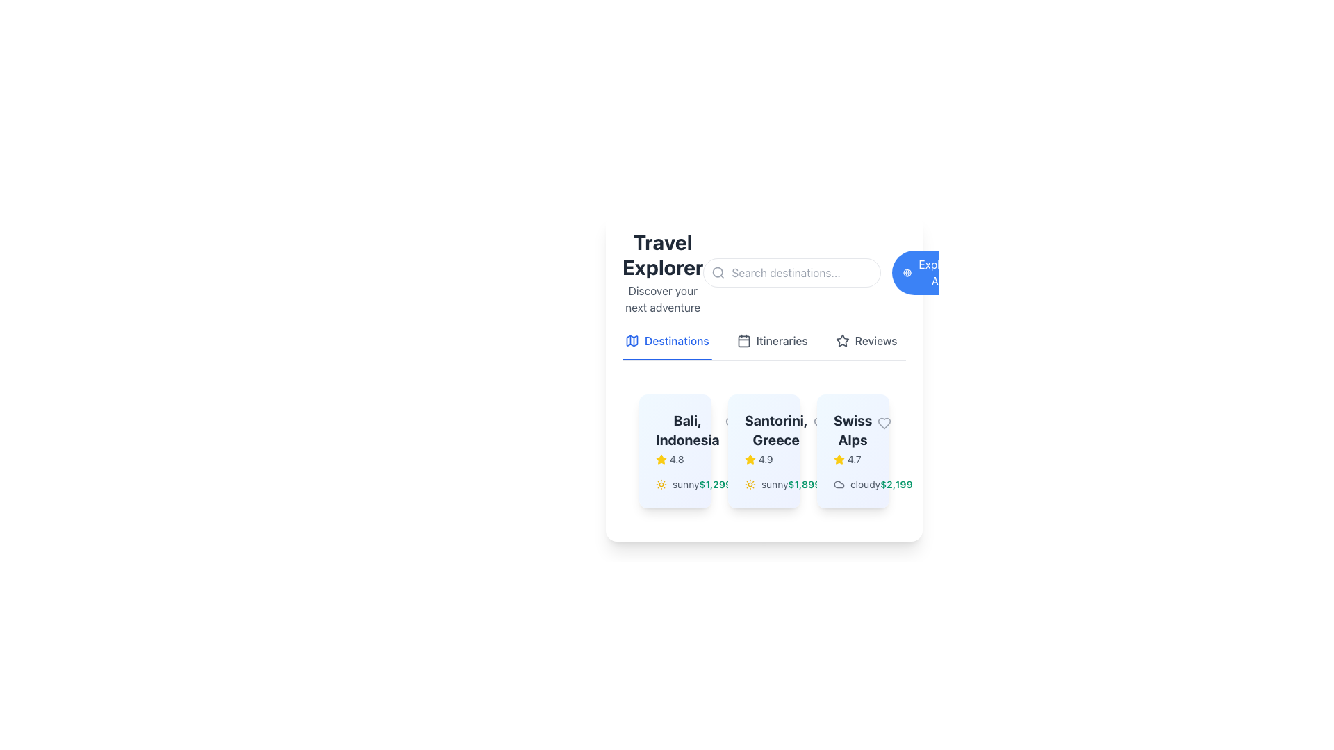 The height and width of the screenshot is (750, 1334). I want to click on the star icon next to the text '4.7' to interact with the rating system, so click(837, 458).